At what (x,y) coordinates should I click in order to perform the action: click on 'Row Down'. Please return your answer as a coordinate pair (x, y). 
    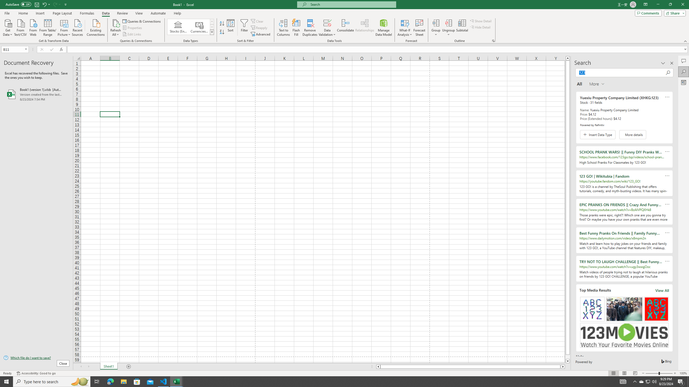
    Looking at the image, I should click on (212, 27).